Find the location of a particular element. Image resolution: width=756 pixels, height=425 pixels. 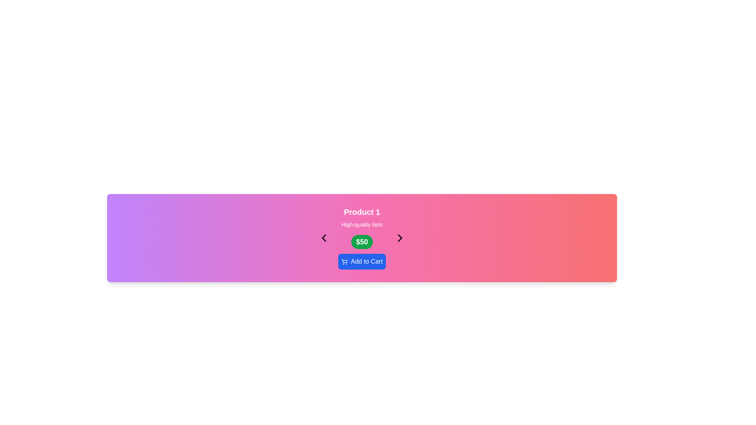

the right-facing chevron arrow icon button on the gradient background is located at coordinates (400, 238).